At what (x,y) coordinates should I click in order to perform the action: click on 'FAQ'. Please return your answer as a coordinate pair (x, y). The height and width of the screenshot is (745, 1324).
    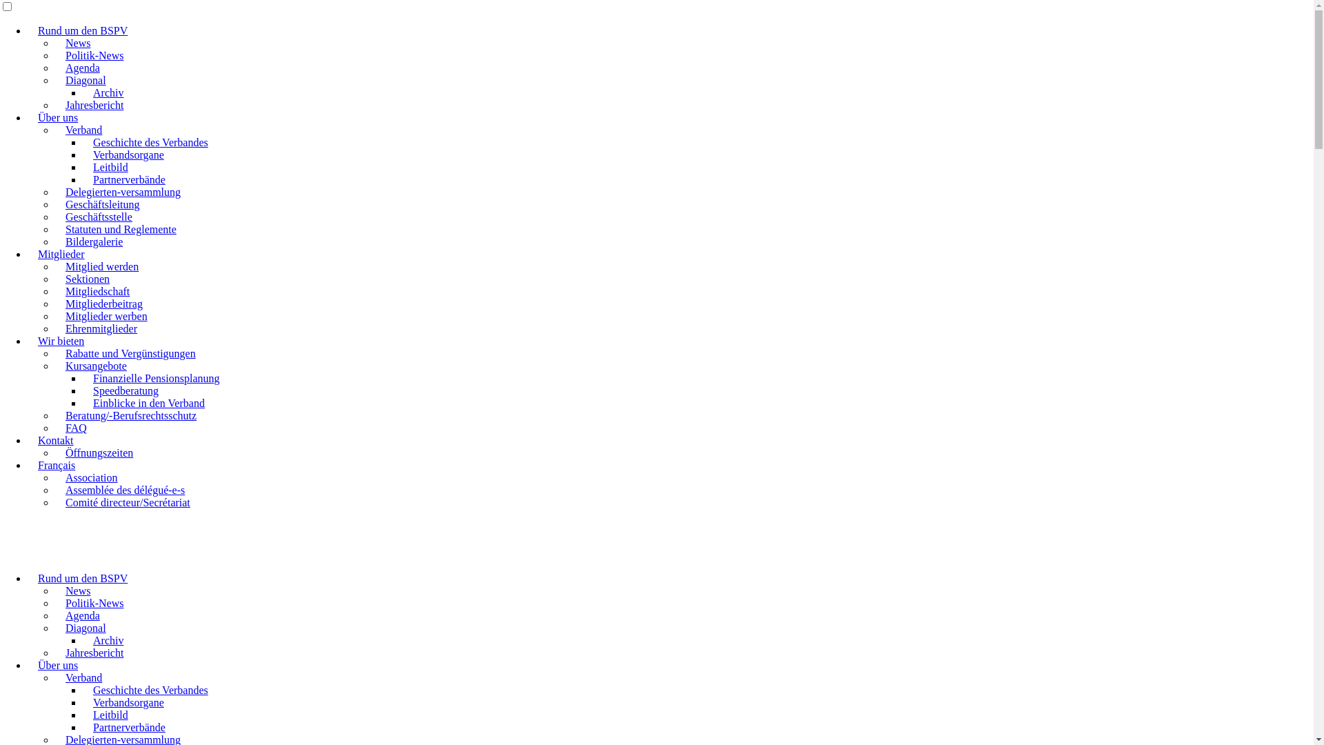
    Looking at the image, I should click on (75, 427).